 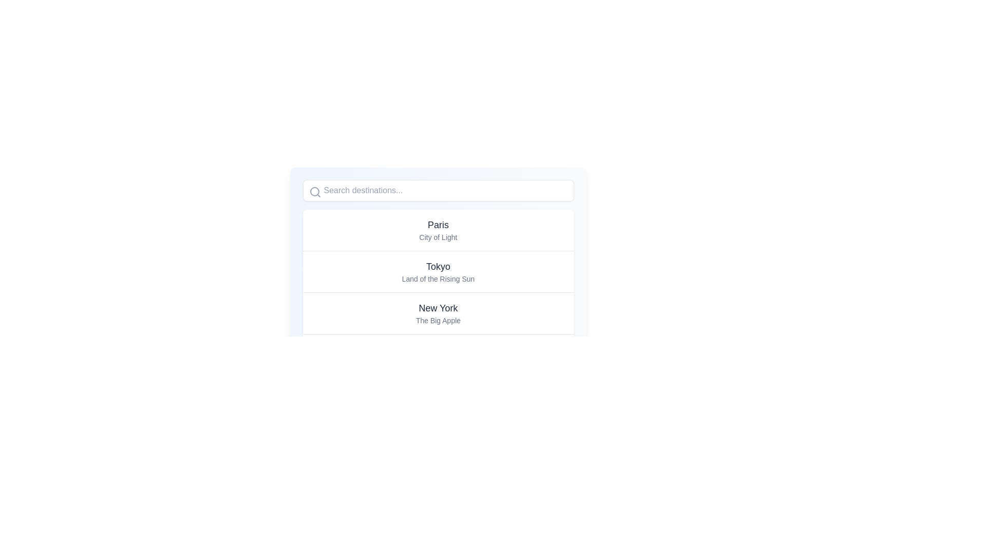 What do you see at coordinates (438, 271) in the screenshot?
I see `the clickable item in the list that provides information about the city of Tokyo, which is the second item in the list between Paris and New York` at bounding box center [438, 271].